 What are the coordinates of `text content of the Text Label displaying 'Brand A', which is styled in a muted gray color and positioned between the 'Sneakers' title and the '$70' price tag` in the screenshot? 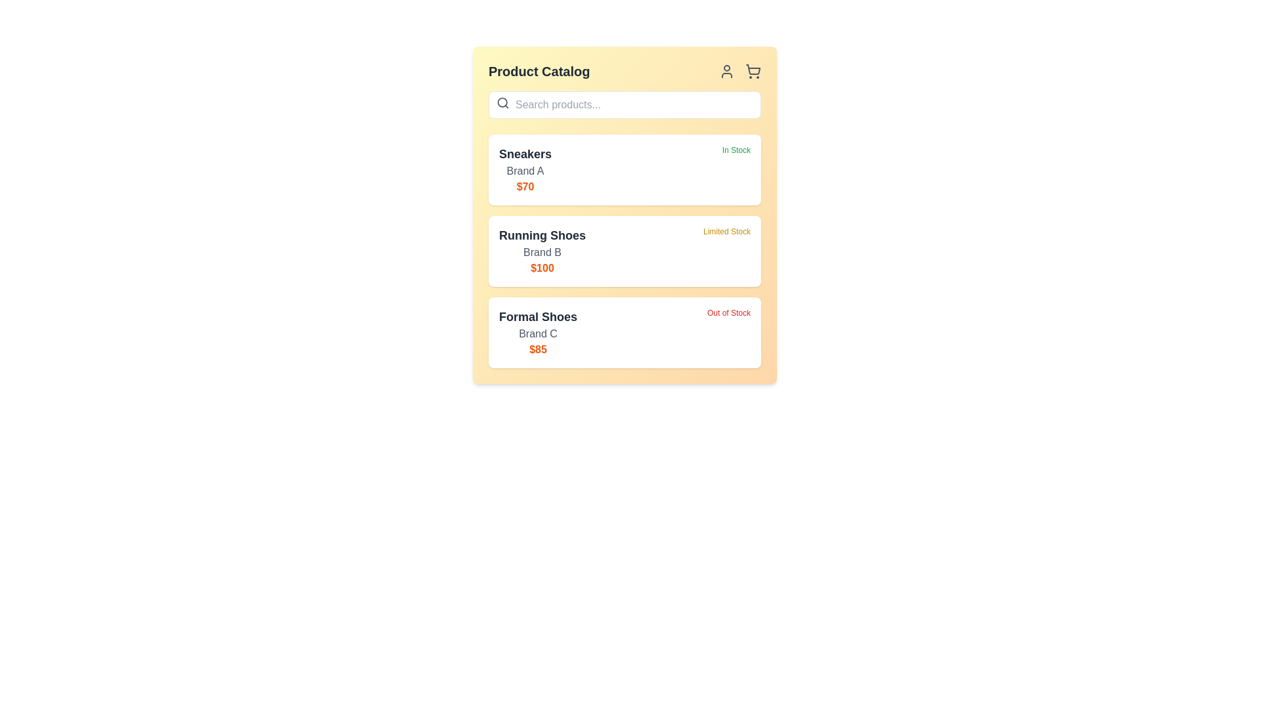 It's located at (525, 171).